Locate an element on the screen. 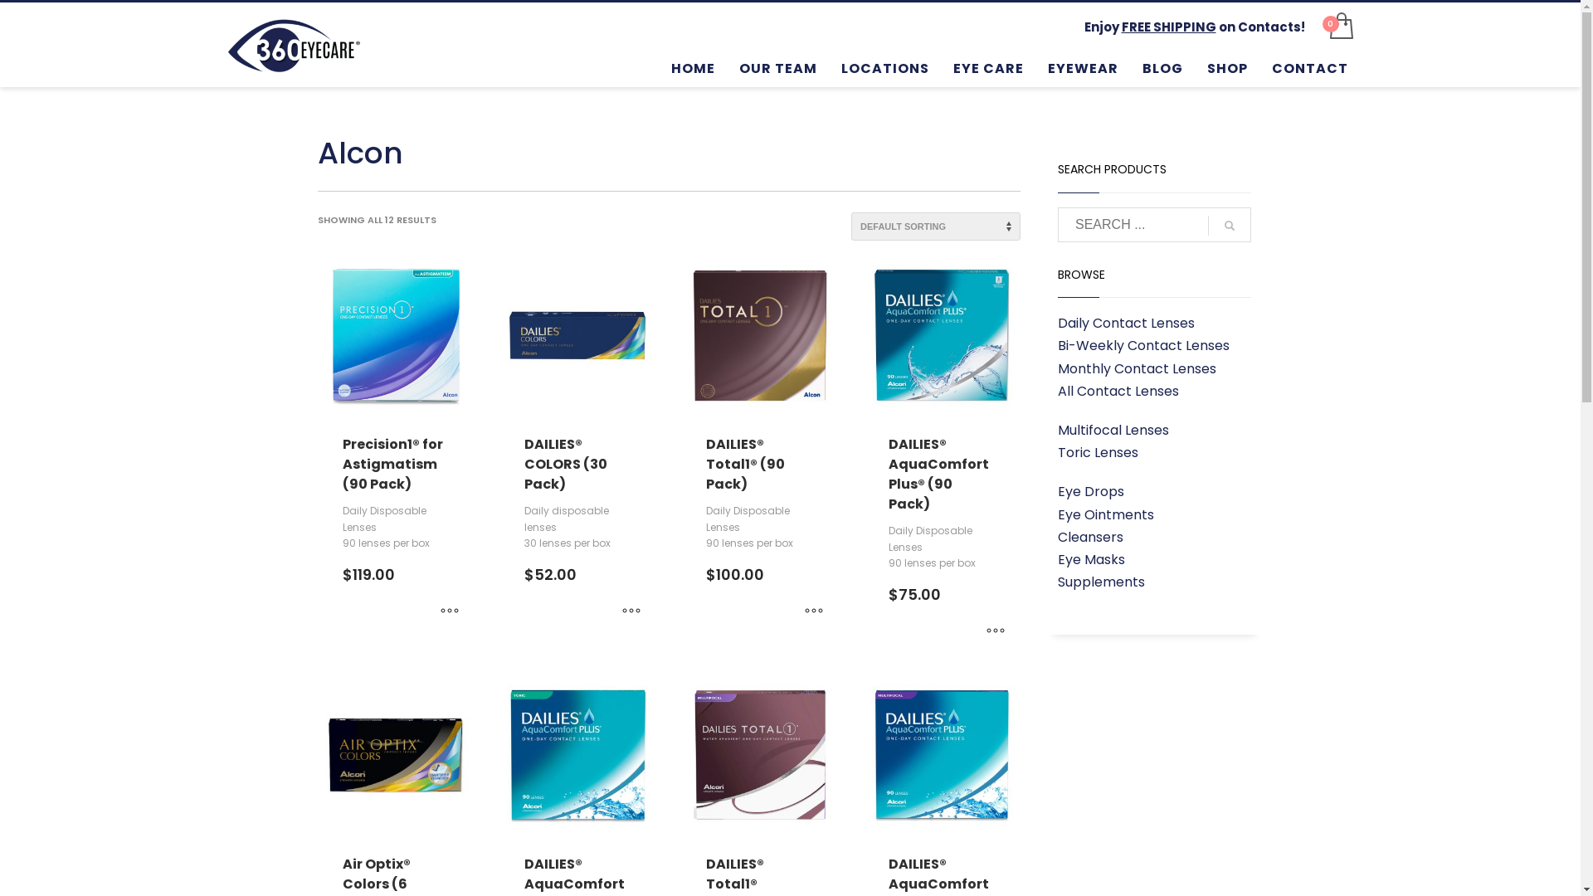 The height and width of the screenshot is (896, 1593). 'EYE CARE' is located at coordinates (988, 66).